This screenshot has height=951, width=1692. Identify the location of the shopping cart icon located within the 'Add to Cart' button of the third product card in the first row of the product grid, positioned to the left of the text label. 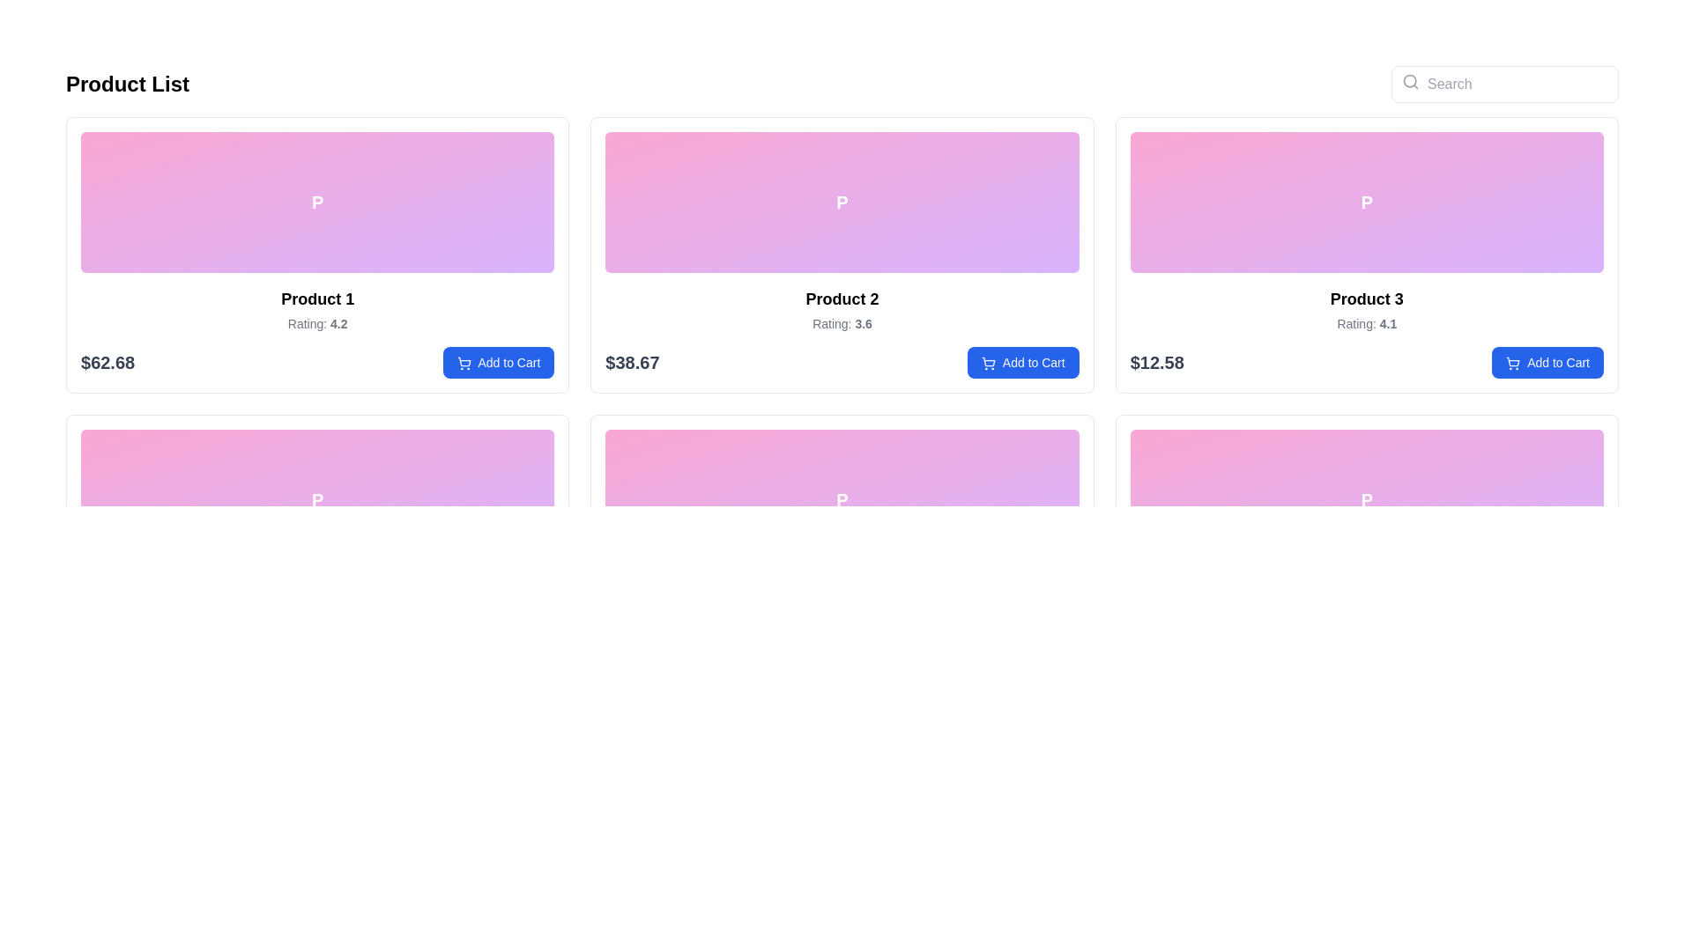
(1512, 363).